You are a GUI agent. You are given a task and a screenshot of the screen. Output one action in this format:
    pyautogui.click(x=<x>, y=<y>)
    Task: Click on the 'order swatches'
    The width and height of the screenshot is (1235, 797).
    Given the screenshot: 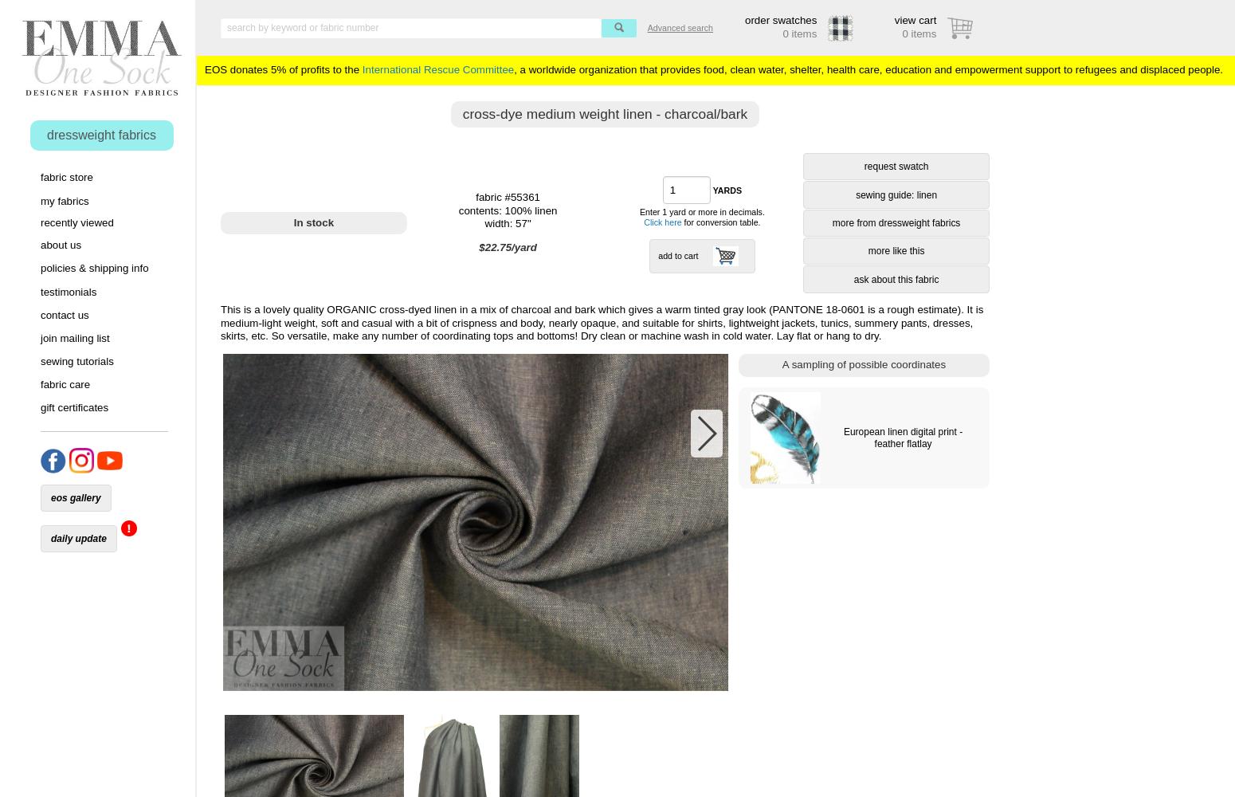 What is the action you would take?
    pyautogui.click(x=780, y=20)
    